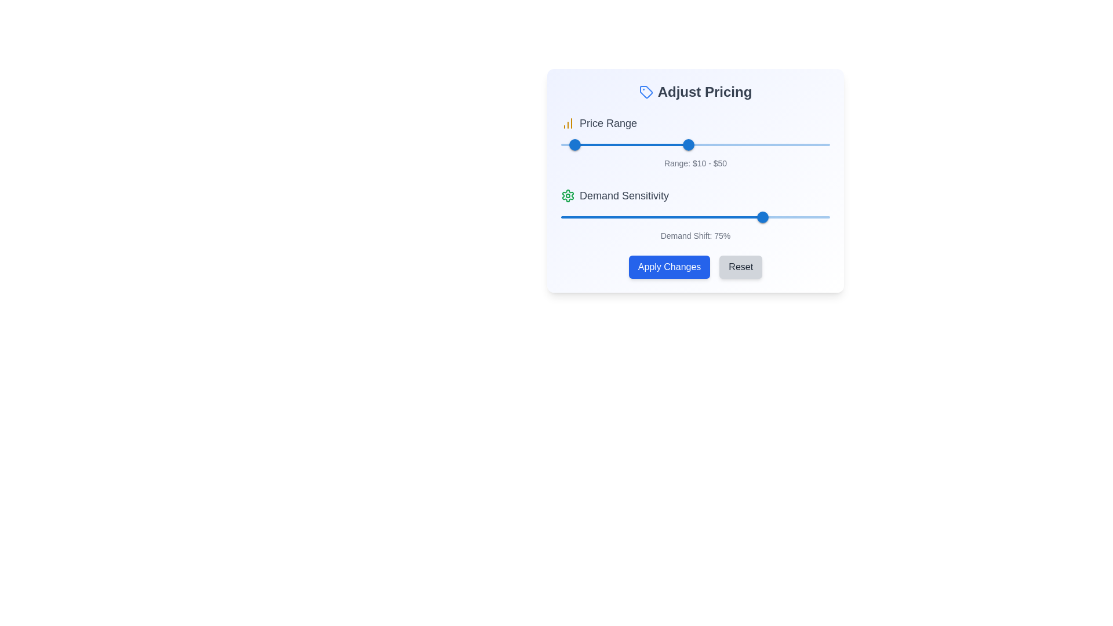  What do you see at coordinates (658, 144) in the screenshot?
I see `the Price Range slider` at bounding box center [658, 144].